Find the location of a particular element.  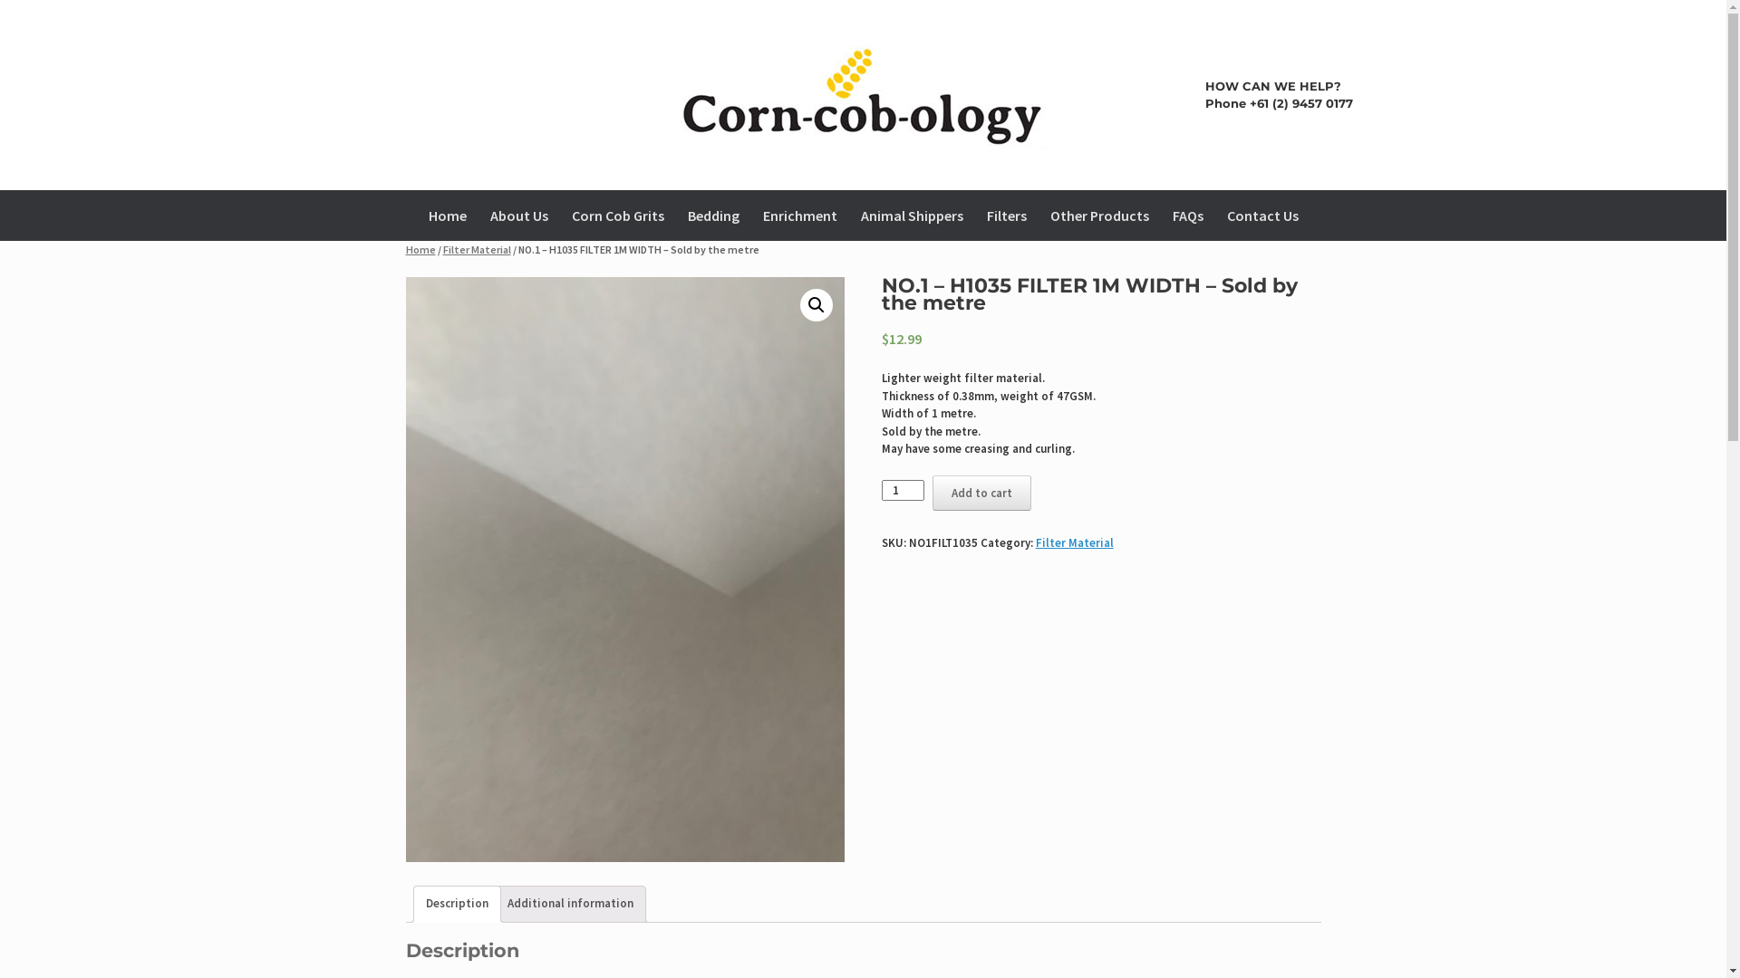

'Additional information' is located at coordinates (569, 904).